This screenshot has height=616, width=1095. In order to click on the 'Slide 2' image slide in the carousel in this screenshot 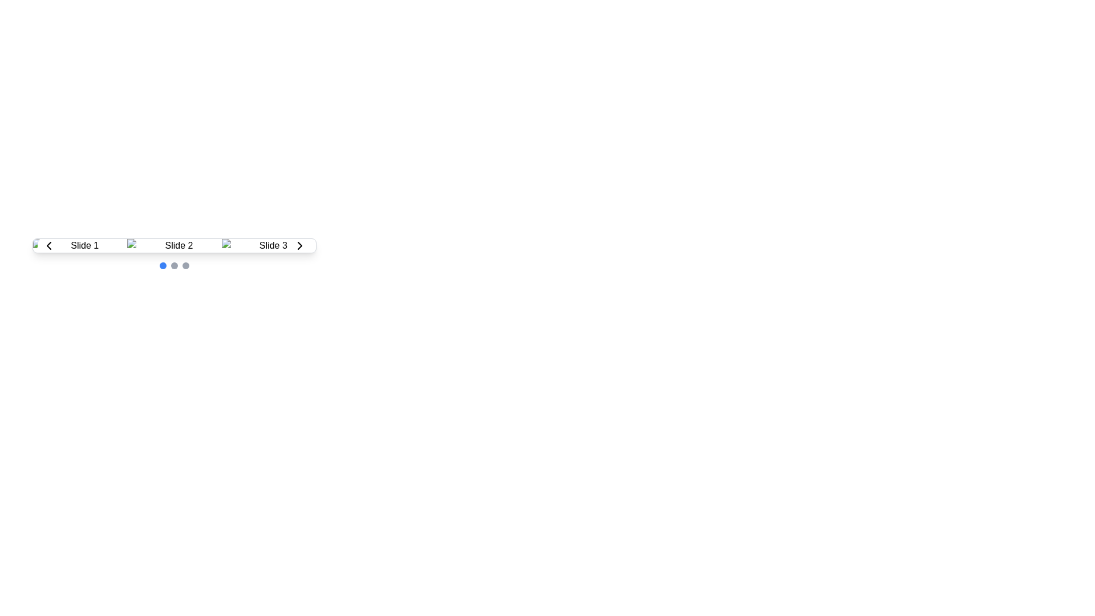, I will do `click(174, 245)`.